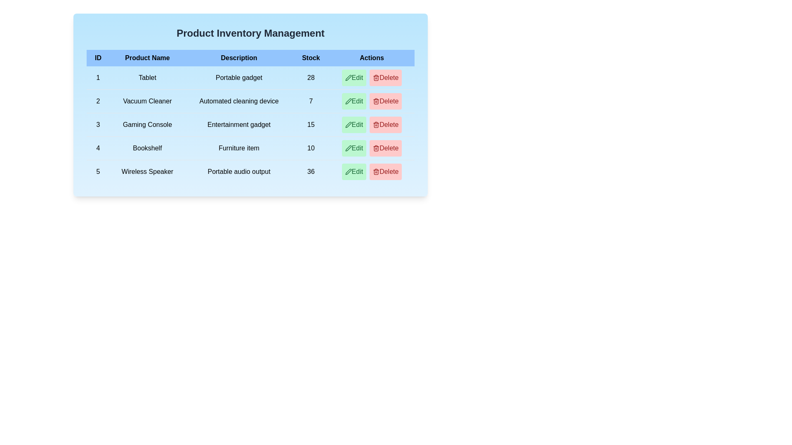 This screenshot has height=445, width=792. What do you see at coordinates (310, 78) in the screenshot?
I see `non-editable numeric stock quantity displayed for the product 'Tablet' in the fourth column of the first row in the 'Stock' category of the table` at bounding box center [310, 78].